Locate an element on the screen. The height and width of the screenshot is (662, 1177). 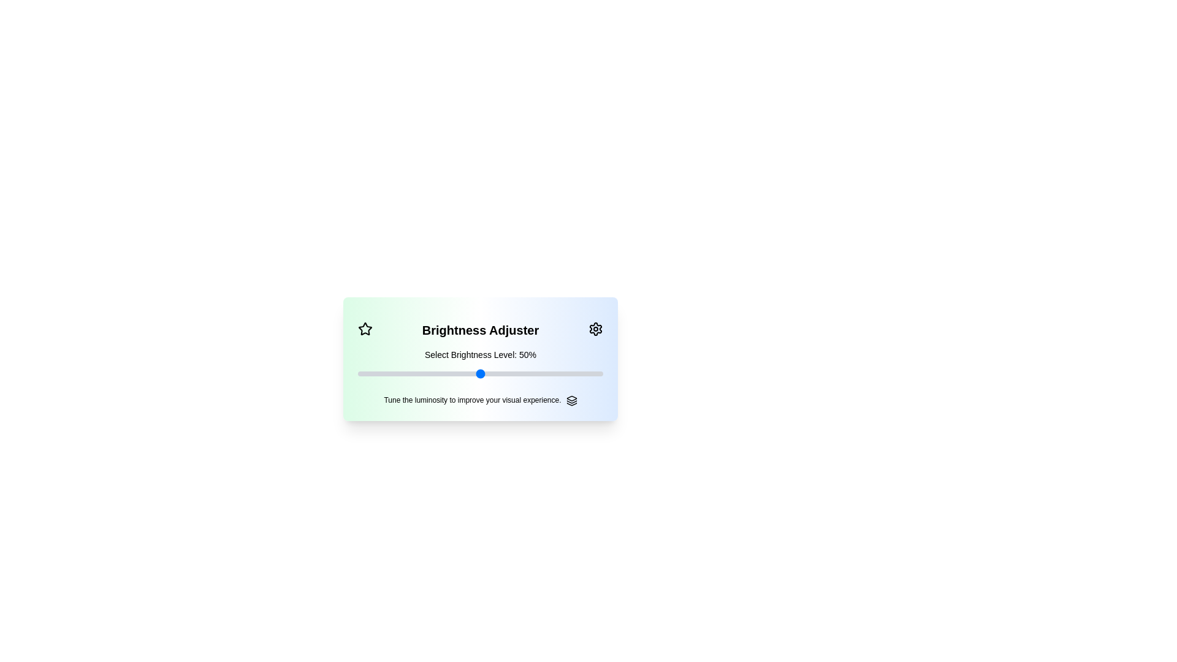
the slider to set brightness to 37% is located at coordinates (357, 373).